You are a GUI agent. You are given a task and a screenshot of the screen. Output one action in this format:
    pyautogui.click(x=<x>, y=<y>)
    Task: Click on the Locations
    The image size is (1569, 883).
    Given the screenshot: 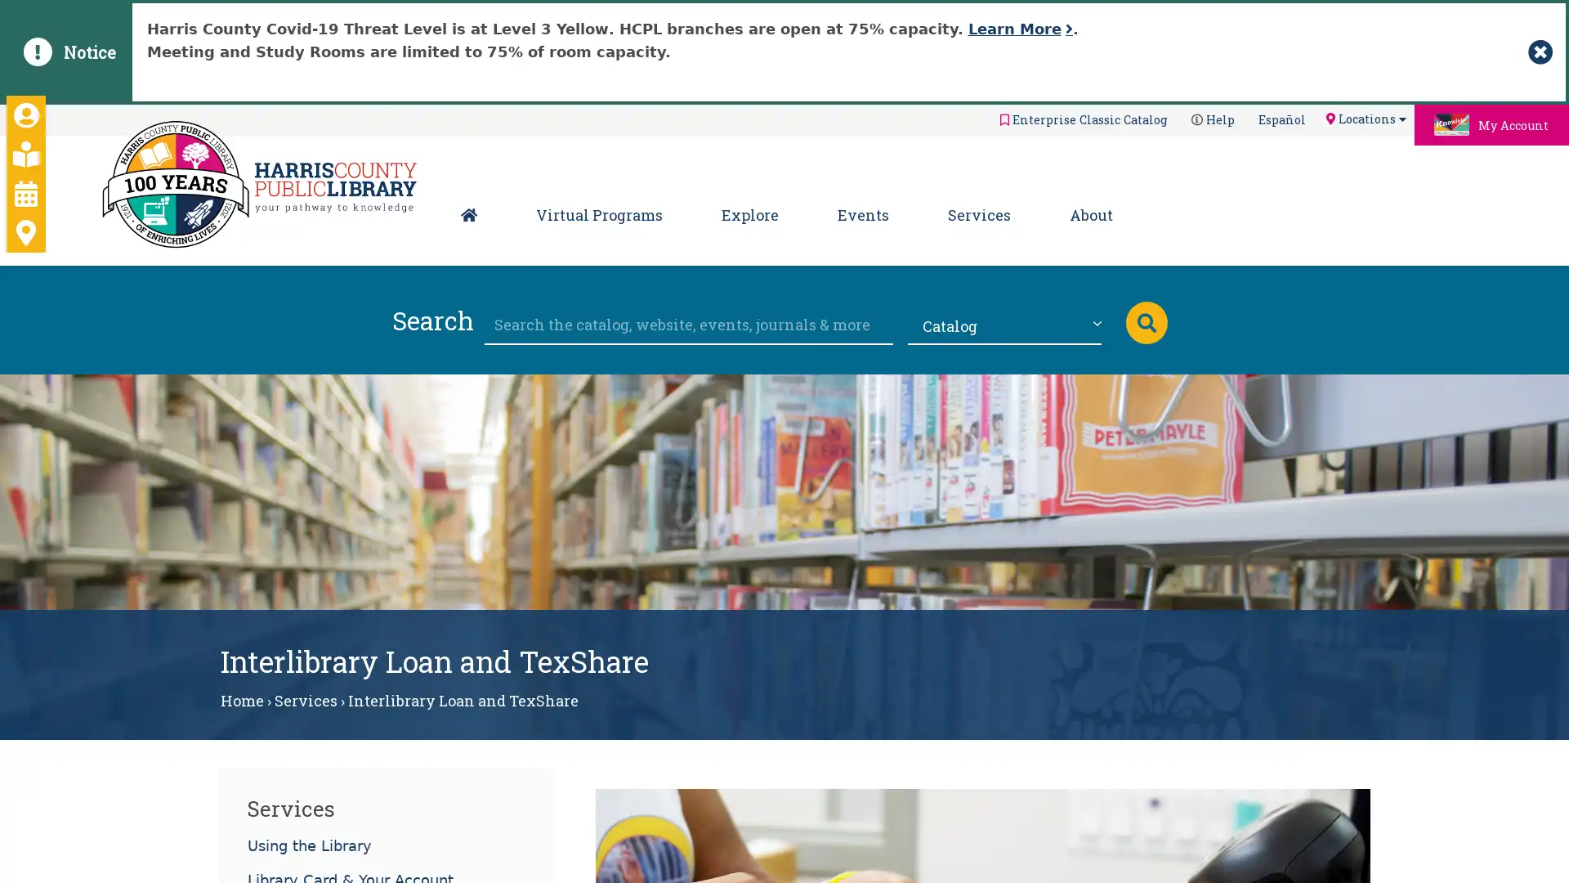 What is the action you would take?
    pyautogui.click(x=1365, y=118)
    